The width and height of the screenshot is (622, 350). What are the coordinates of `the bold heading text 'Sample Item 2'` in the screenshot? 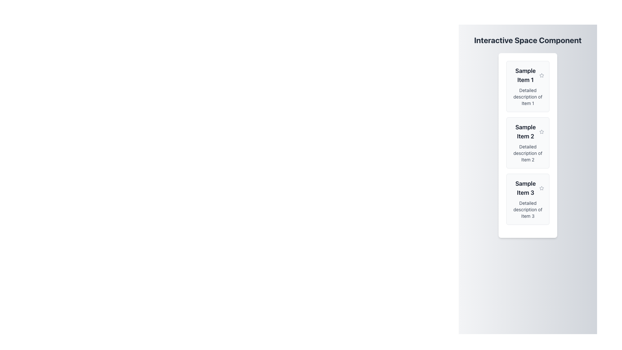 It's located at (525, 132).